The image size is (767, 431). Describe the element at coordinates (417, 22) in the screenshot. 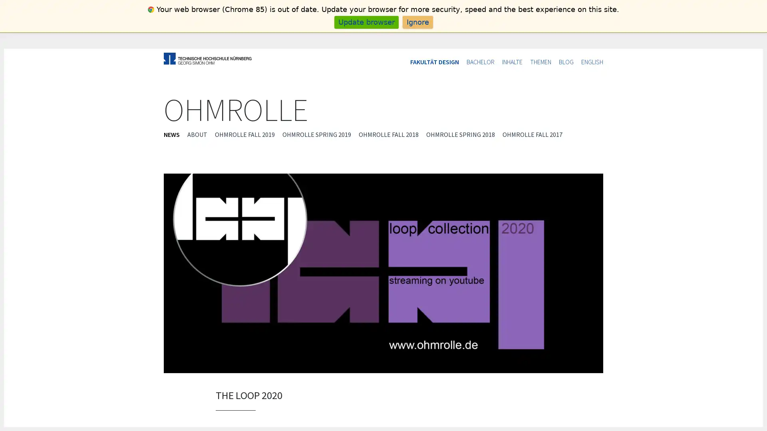

I see `Ignore` at that location.